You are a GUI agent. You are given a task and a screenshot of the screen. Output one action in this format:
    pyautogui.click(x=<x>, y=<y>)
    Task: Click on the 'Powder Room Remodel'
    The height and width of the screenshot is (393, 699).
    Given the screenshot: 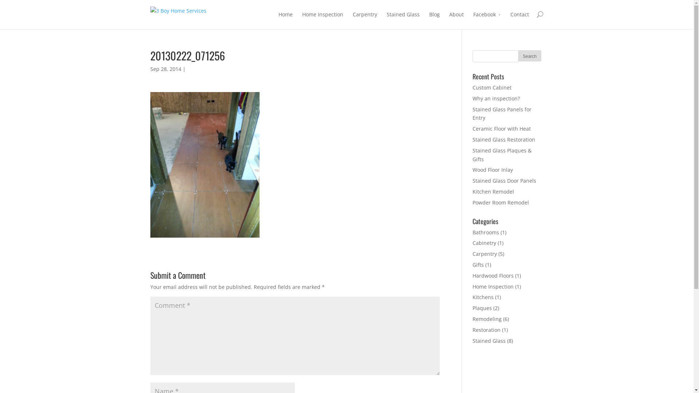 What is the action you would take?
    pyautogui.click(x=500, y=202)
    